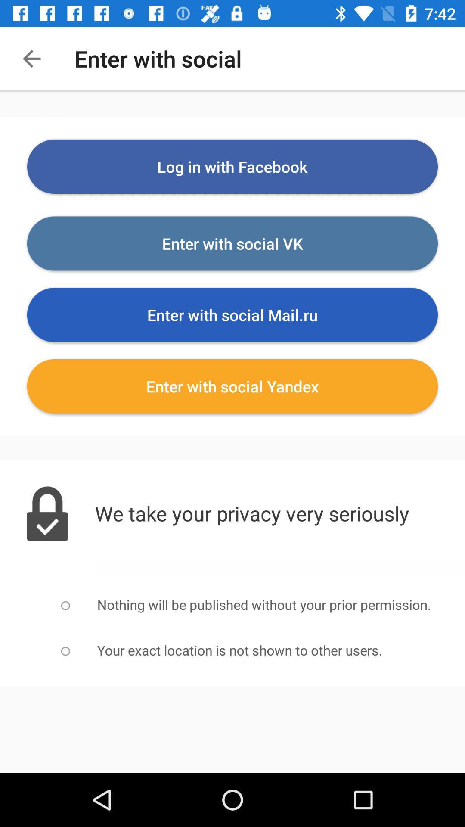  I want to click on option above yellow button, so click(232, 314).